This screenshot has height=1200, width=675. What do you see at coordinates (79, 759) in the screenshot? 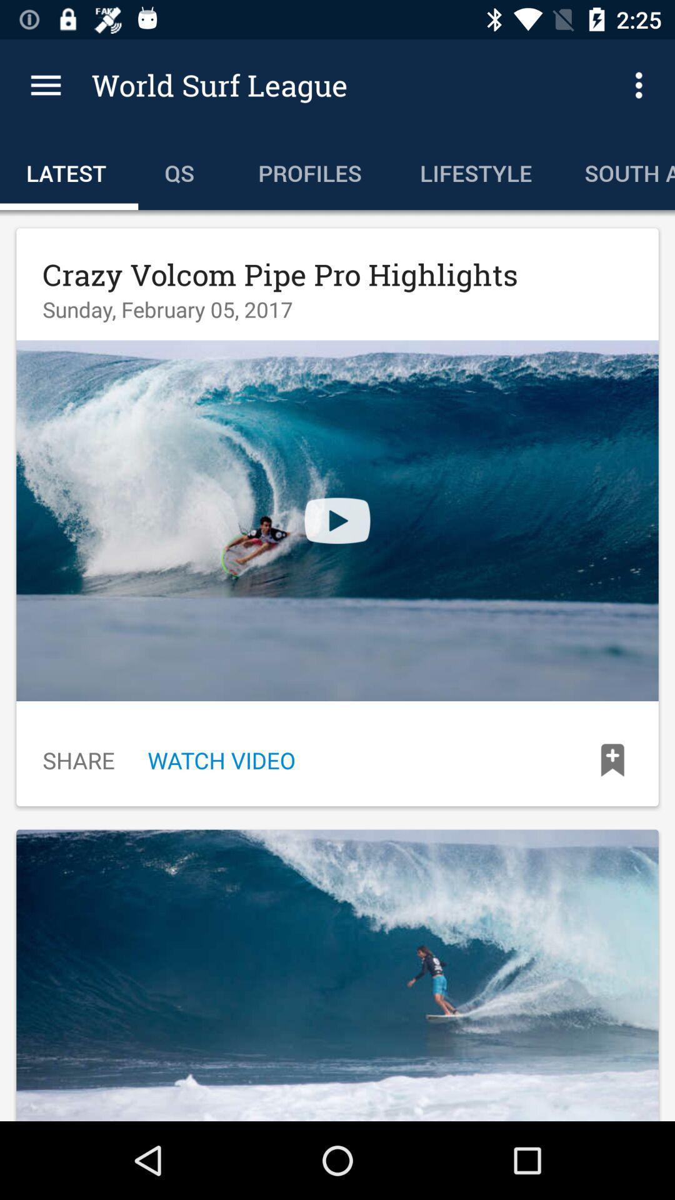
I see `icon to the left of the watch video item` at bounding box center [79, 759].